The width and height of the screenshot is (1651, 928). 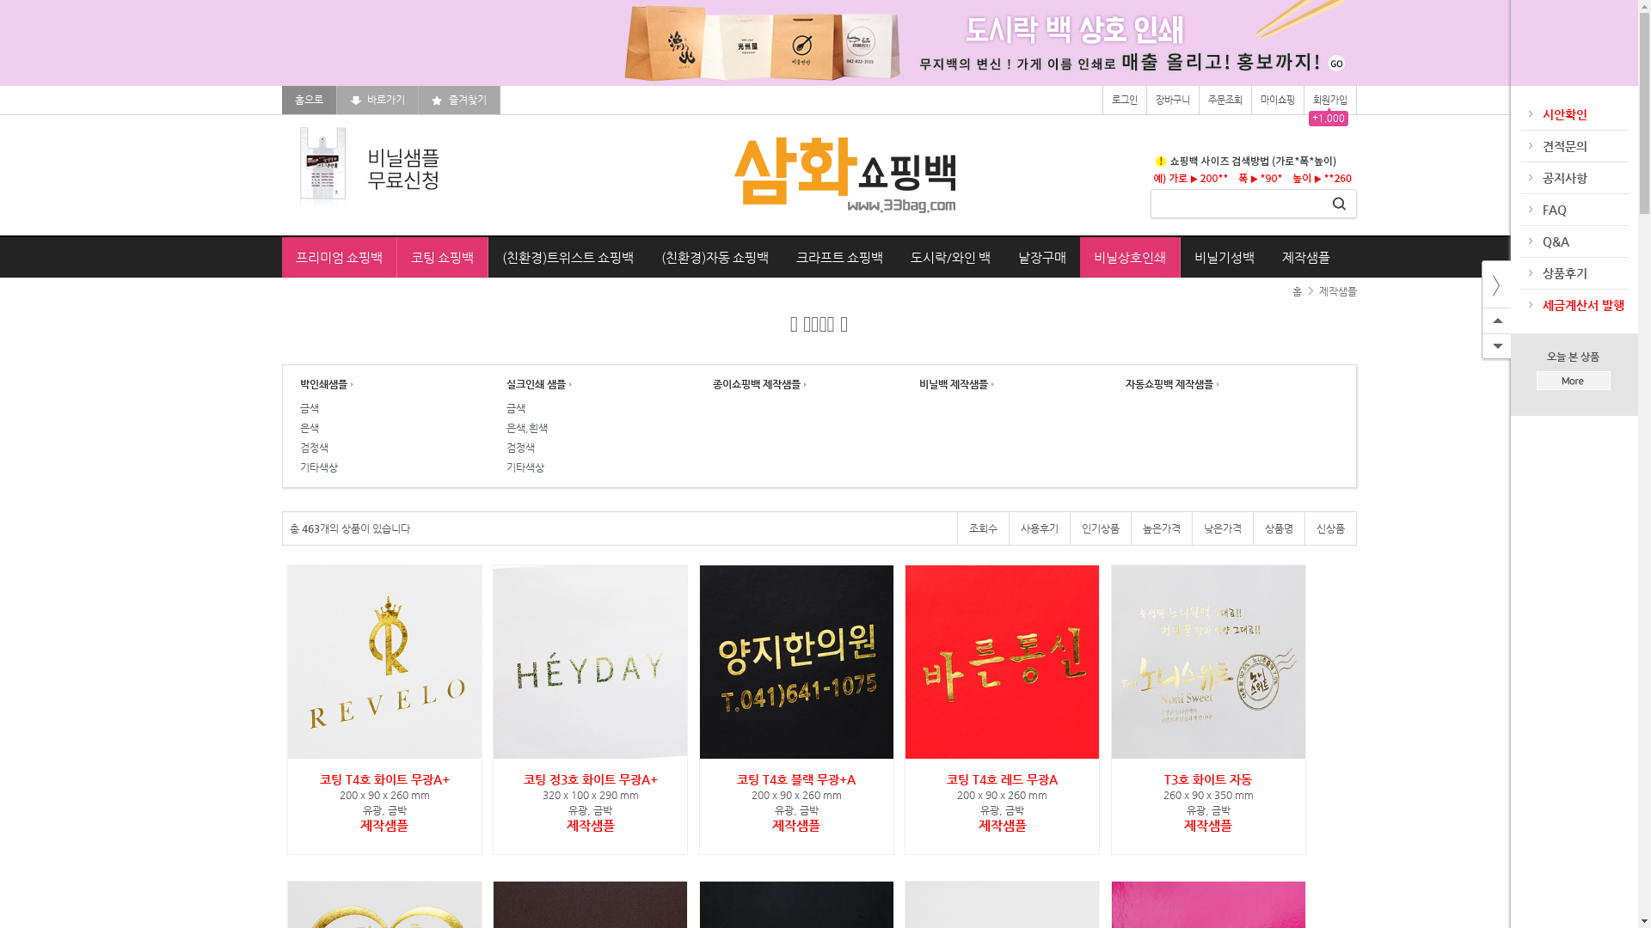 What do you see at coordinates (1553, 208) in the screenshot?
I see `'FAQ'` at bounding box center [1553, 208].